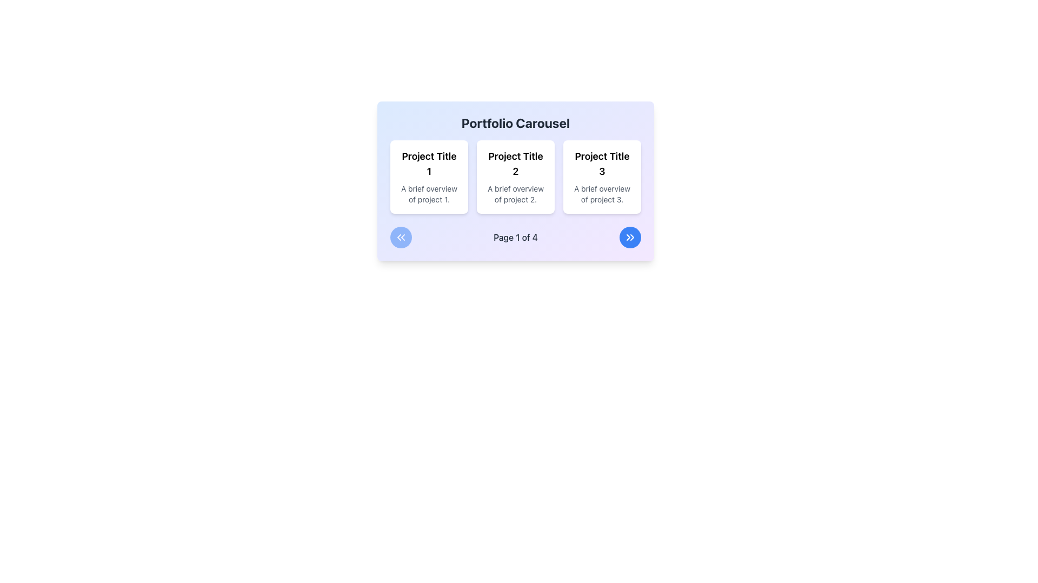 Image resolution: width=1038 pixels, height=583 pixels. Describe the element at coordinates (601, 193) in the screenshot. I see `the text element that reads 'A brief overview of project 3', styled with a smaller font size and gray color, located under the 'Project Title 3' heading in the third project card` at that location.